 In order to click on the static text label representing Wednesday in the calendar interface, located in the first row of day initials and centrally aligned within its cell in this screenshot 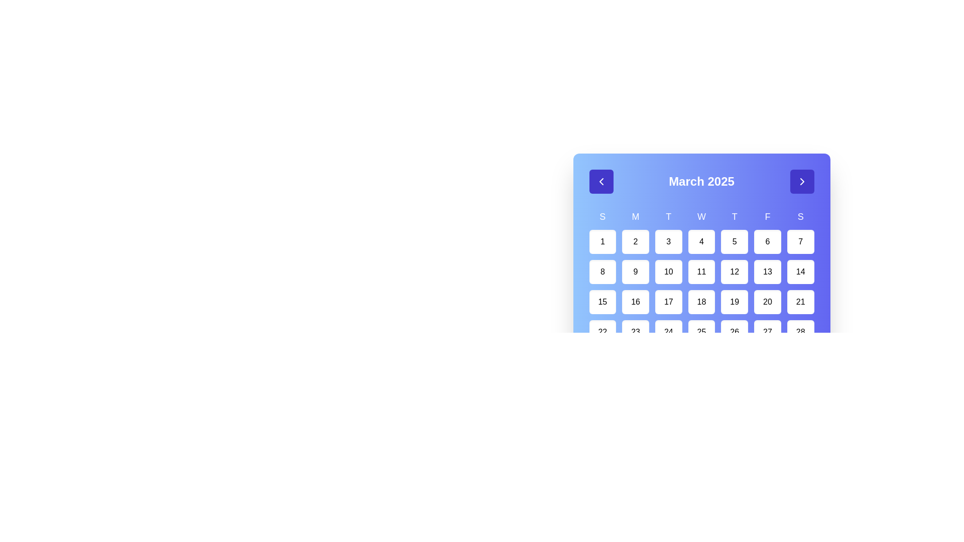, I will do `click(701, 216)`.